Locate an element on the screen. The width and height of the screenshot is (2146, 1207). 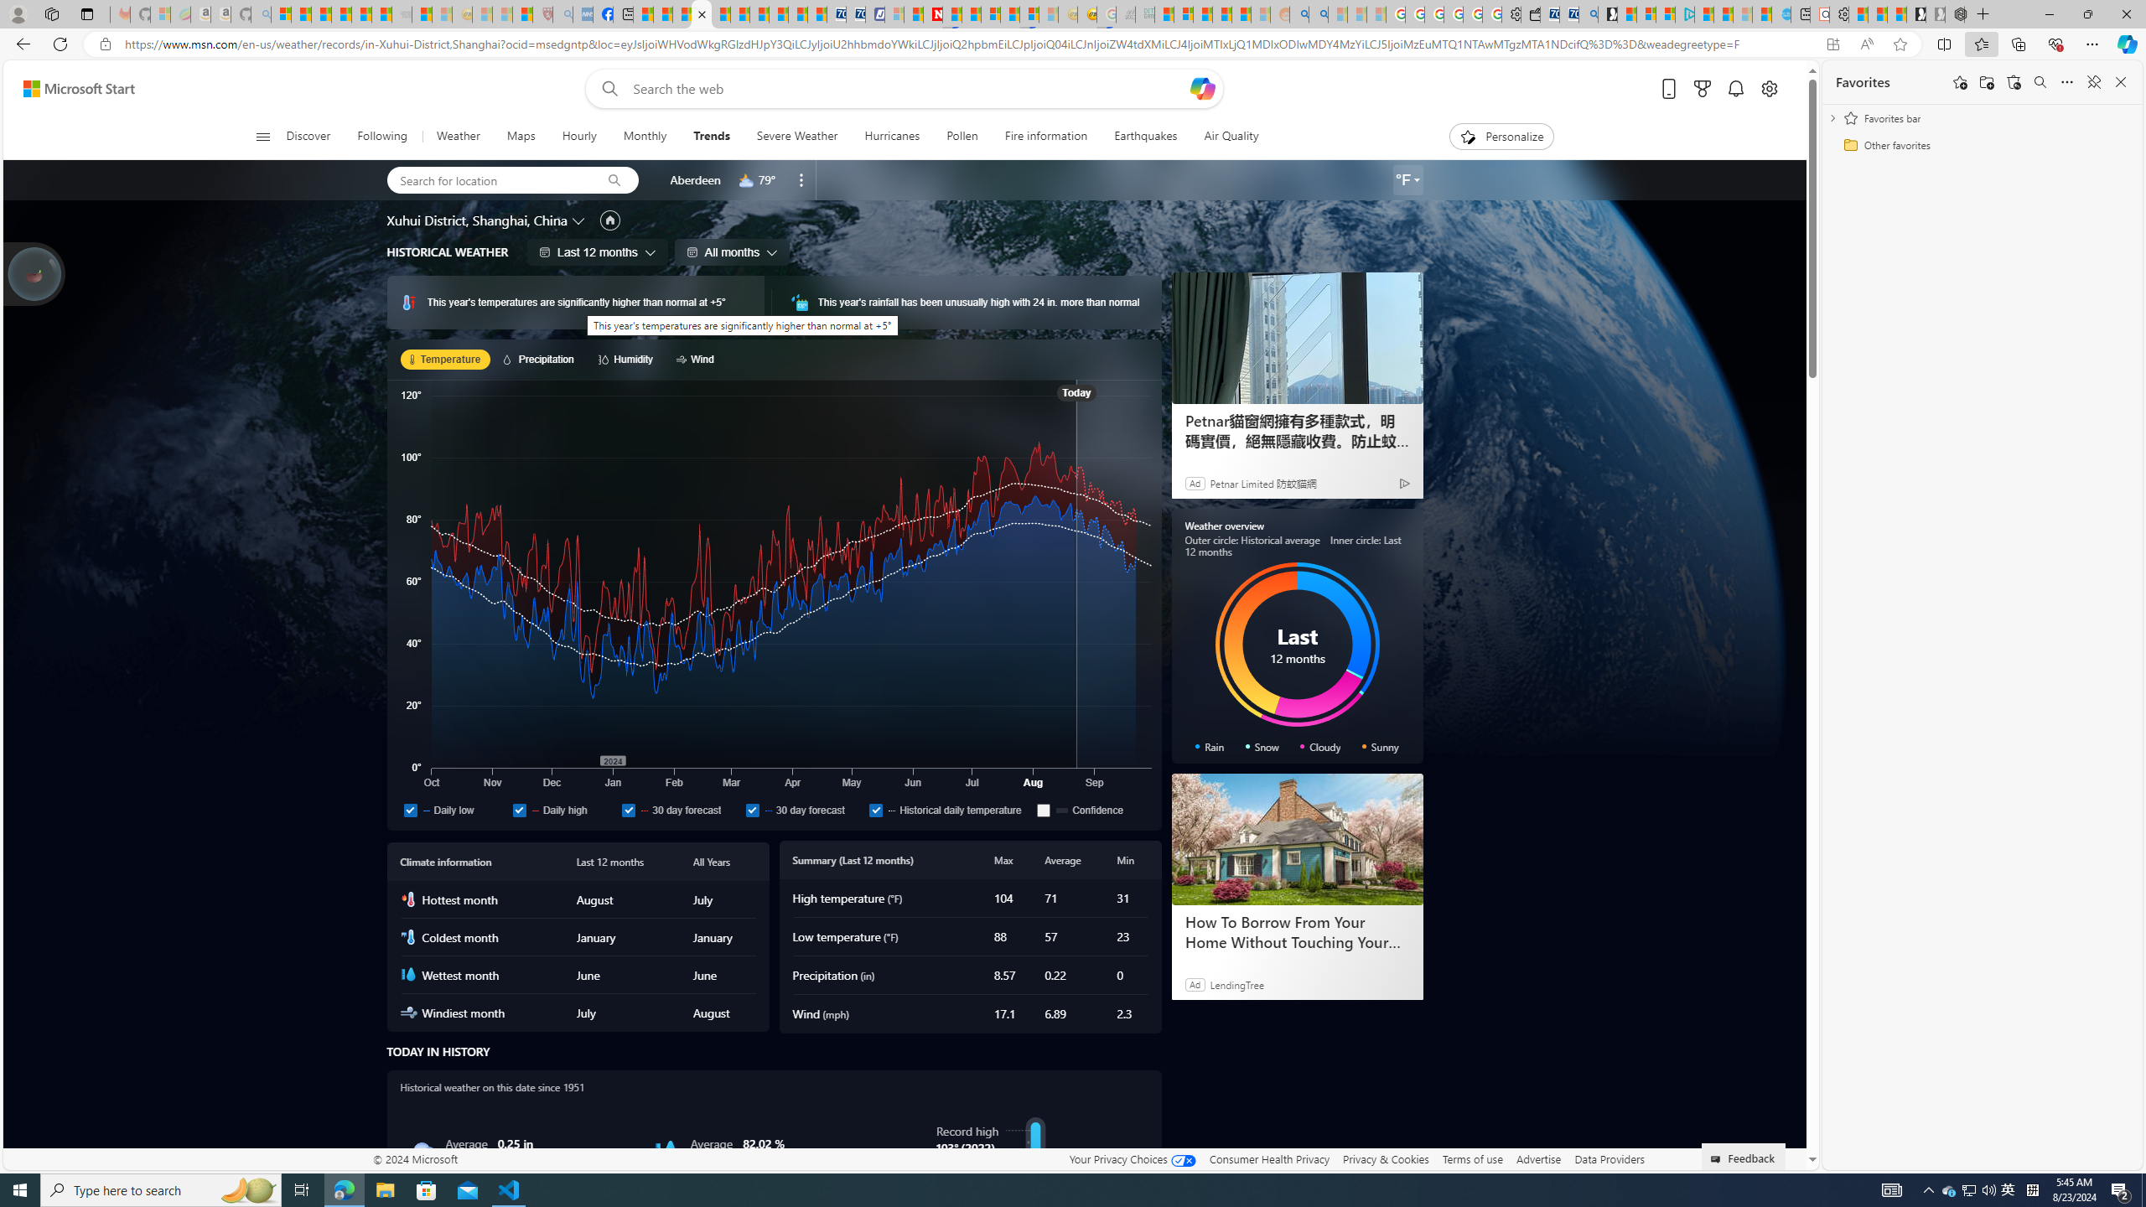
'Humidity' is located at coordinates (629, 359).